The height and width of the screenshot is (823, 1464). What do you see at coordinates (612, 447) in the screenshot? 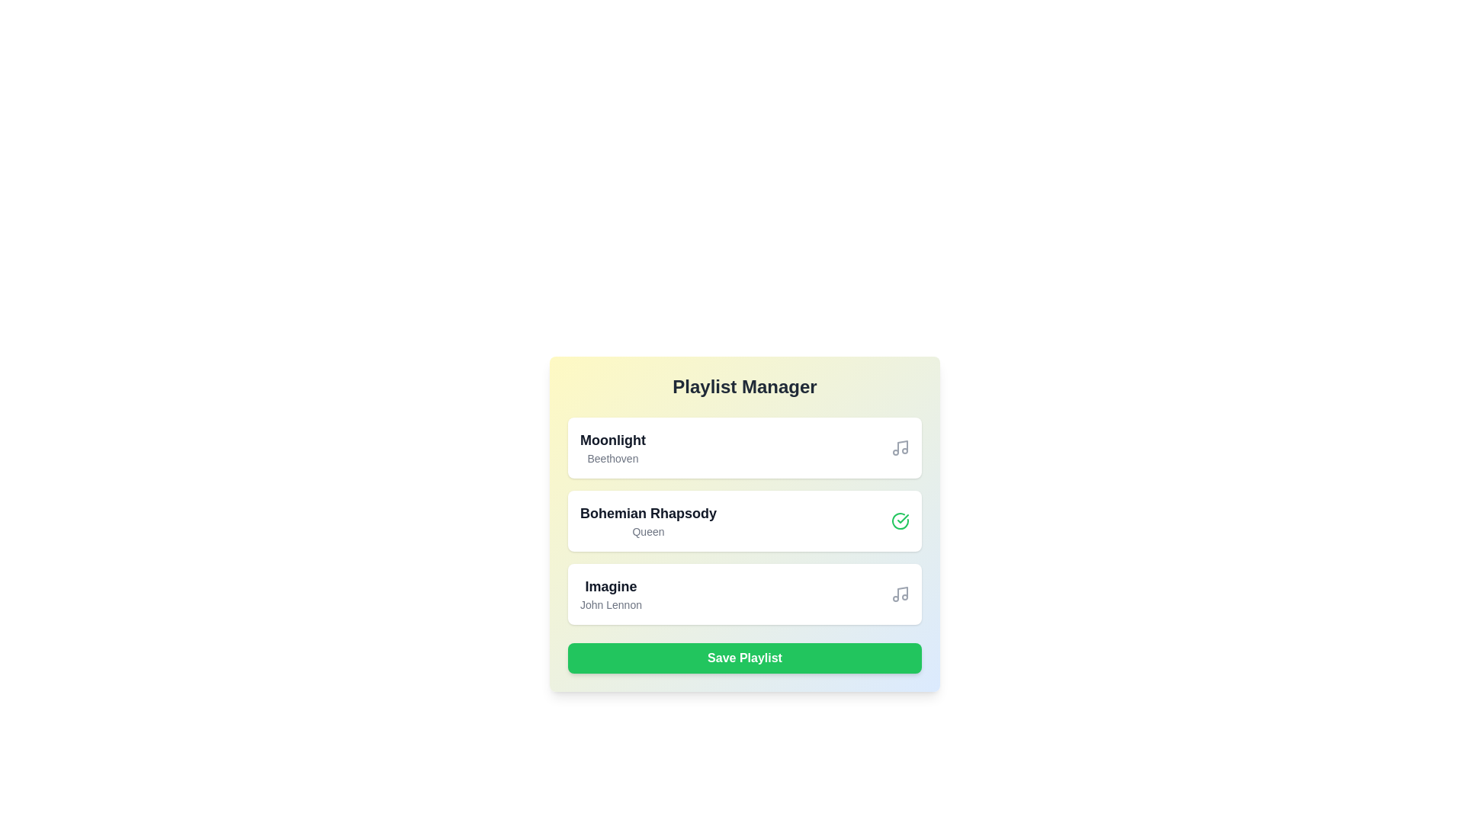
I see `the song titled 'Moonlight' to inspect its details` at bounding box center [612, 447].